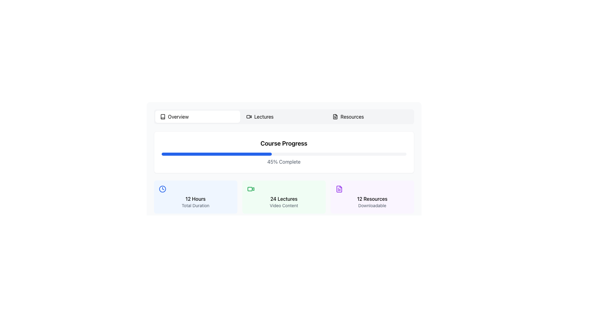  What do you see at coordinates (335, 117) in the screenshot?
I see `the black document icon in the navigation bar` at bounding box center [335, 117].